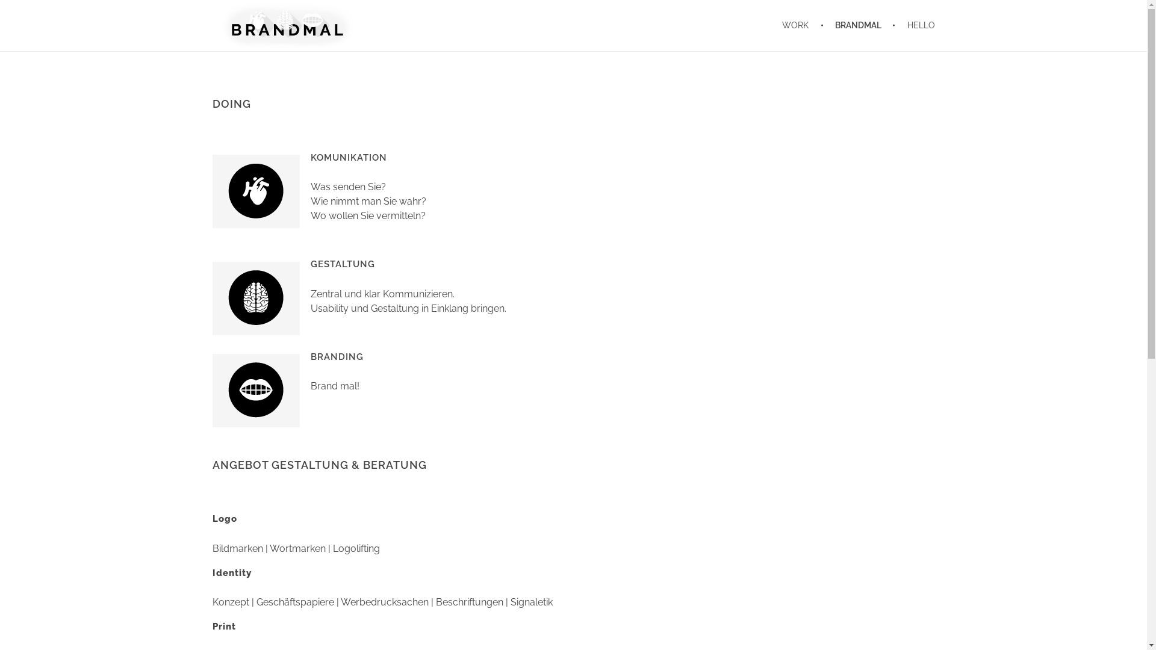  Describe the element at coordinates (859, 25) in the screenshot. I see `'BRANDMAL'` at that location.